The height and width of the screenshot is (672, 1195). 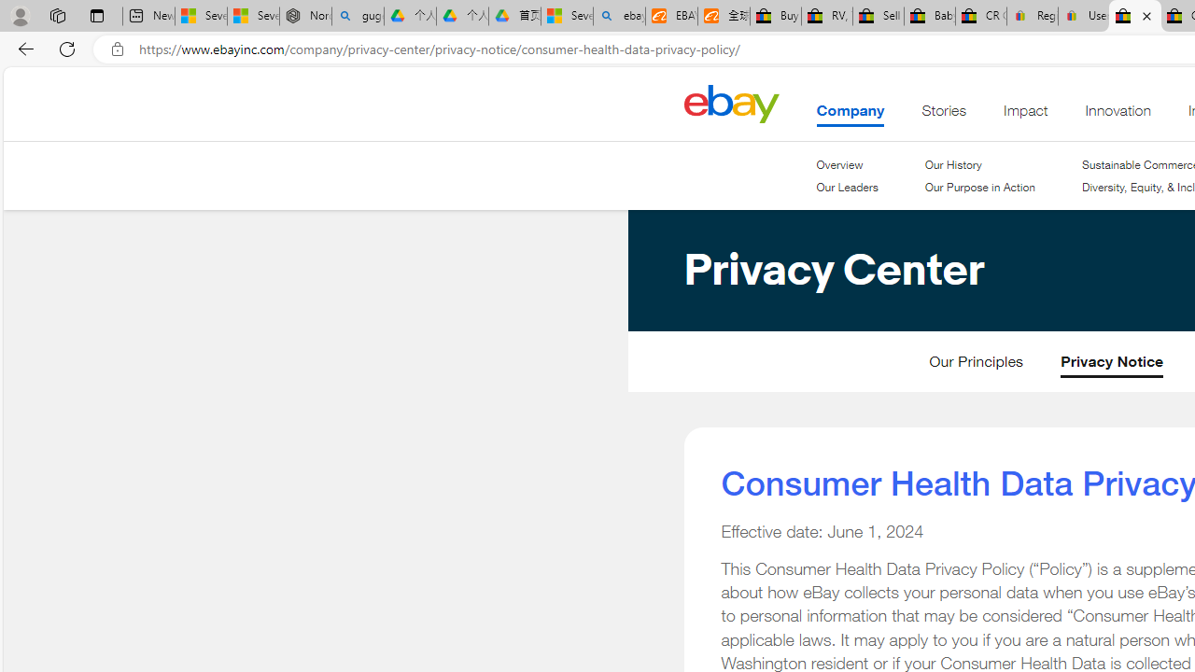 What do you see at coordinates (944, 115) in the screenshot?
I see `'Stories'` at bounding box center [944, 115].